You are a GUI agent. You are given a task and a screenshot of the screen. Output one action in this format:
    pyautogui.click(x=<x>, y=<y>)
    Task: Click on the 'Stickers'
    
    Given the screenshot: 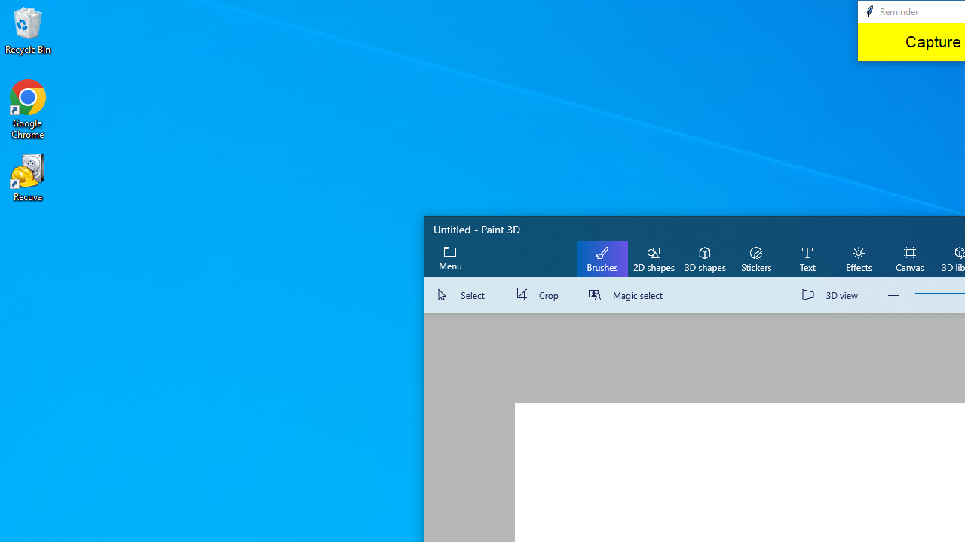 What is the action you would take?
    pyautogui.click(x=755, y=257)
    